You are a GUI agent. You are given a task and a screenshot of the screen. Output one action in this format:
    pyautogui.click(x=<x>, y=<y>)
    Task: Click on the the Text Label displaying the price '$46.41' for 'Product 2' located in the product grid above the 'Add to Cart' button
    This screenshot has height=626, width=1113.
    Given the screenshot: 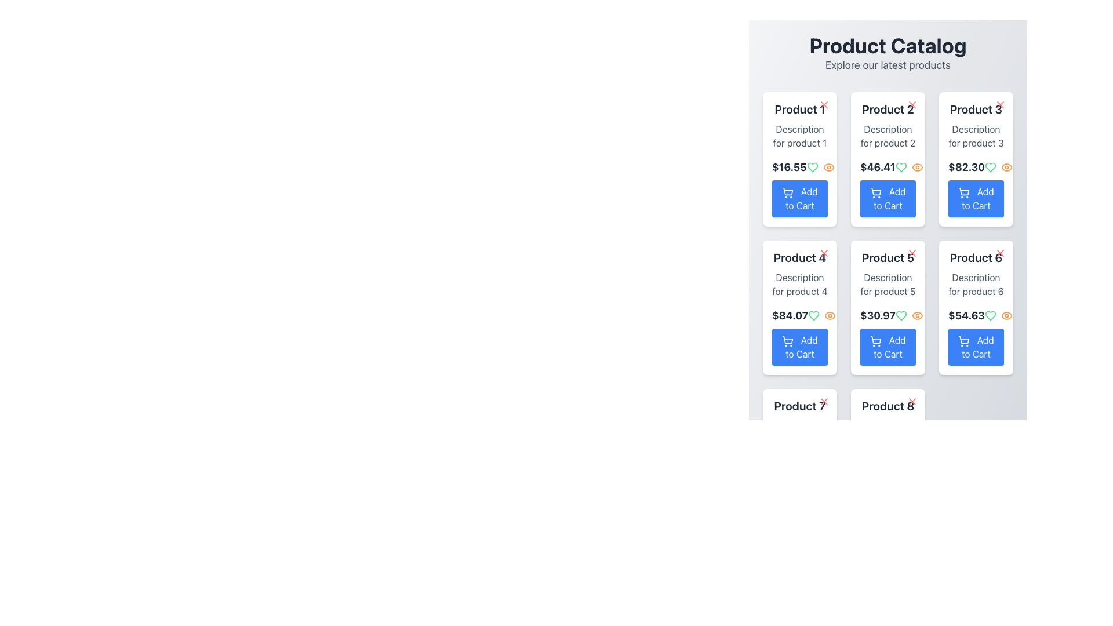 What is the action you would take?
    pyautogui.click(x=887, y=168)
    